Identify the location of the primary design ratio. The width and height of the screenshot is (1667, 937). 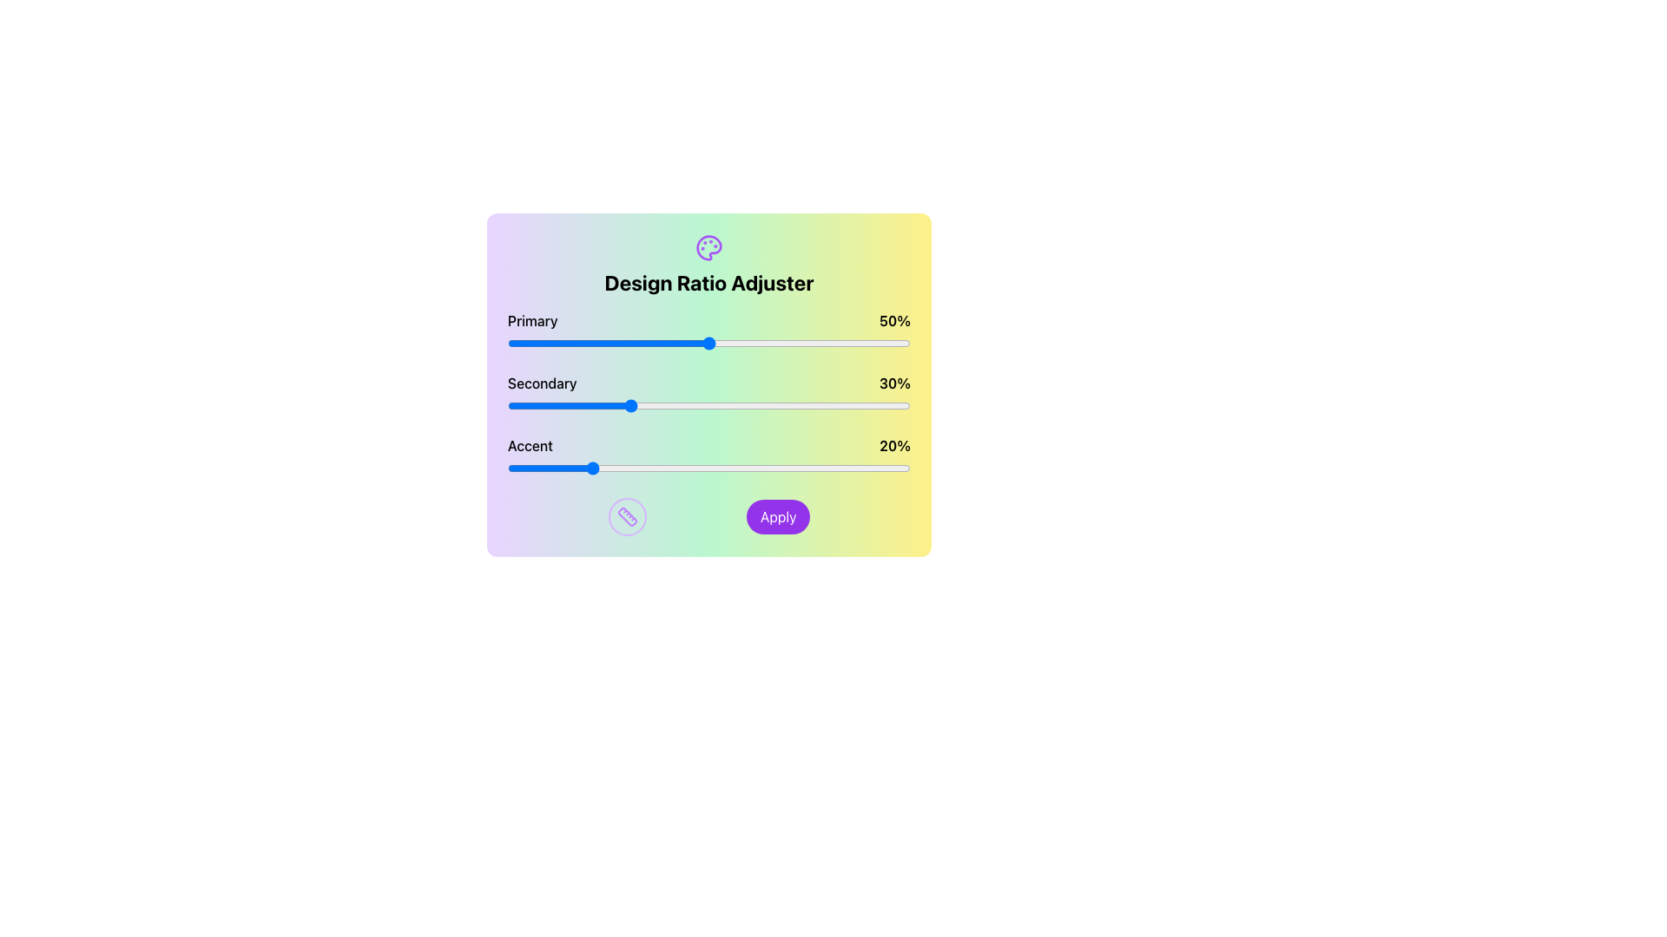
(733, 344).